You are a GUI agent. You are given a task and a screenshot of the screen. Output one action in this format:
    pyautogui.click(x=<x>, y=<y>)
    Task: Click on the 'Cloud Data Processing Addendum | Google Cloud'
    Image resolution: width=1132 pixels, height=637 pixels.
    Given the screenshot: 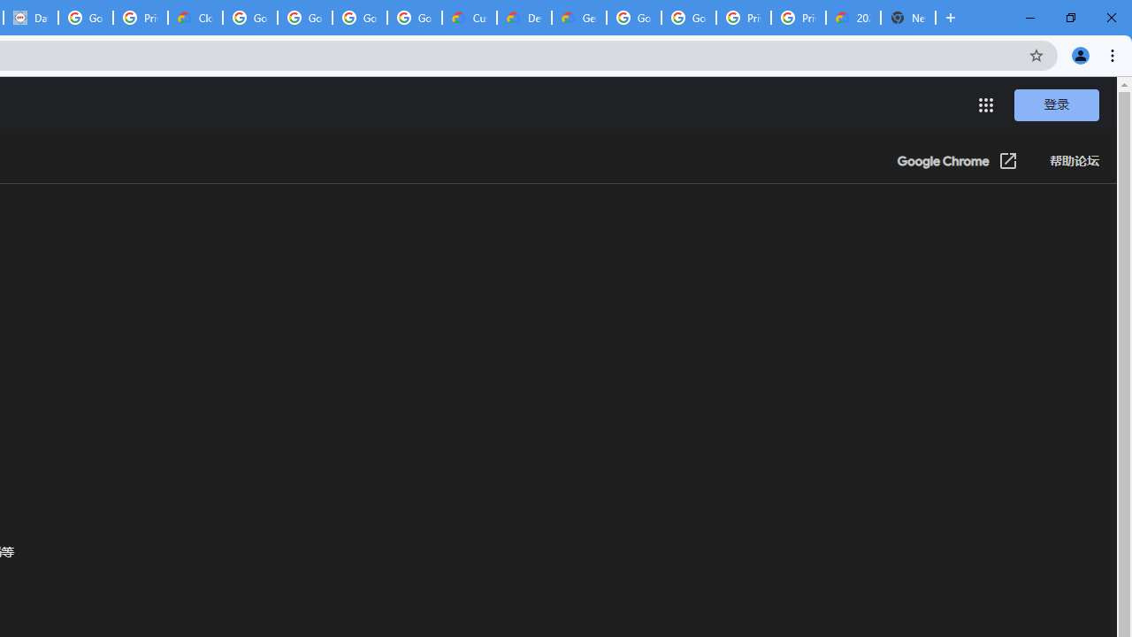 What is the action you would take?
    pyautogui.click(x=195, y=18)
    